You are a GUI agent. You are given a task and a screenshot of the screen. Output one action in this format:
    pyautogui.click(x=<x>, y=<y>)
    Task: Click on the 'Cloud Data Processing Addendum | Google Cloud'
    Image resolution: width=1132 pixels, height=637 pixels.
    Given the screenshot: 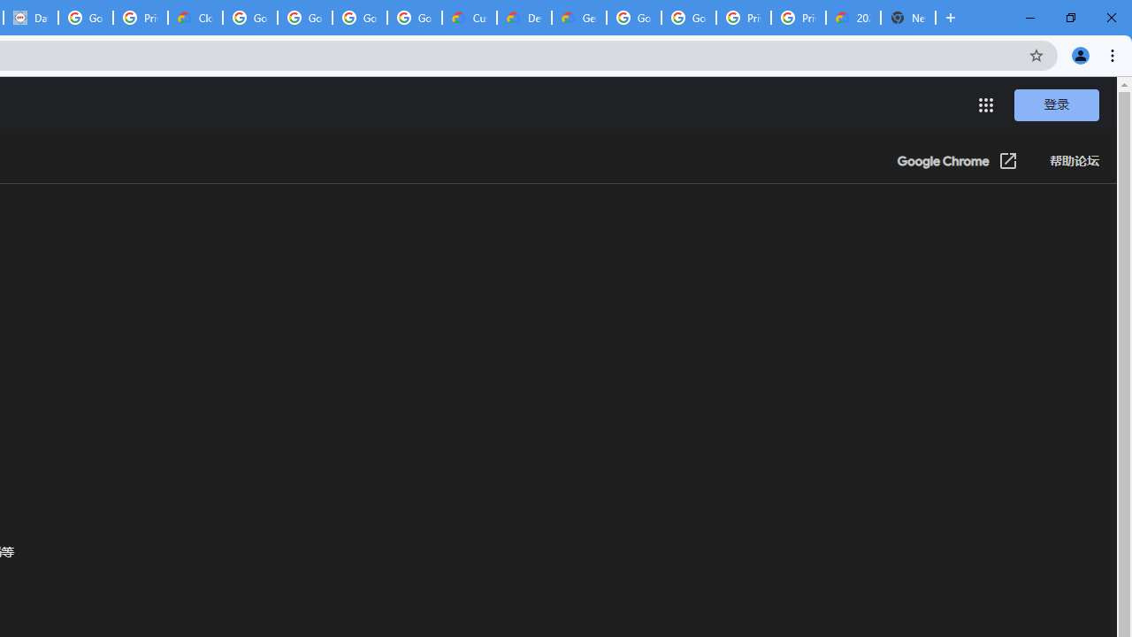 What is the action you would take?
    pyautogui.click(x=195, y=18)
    